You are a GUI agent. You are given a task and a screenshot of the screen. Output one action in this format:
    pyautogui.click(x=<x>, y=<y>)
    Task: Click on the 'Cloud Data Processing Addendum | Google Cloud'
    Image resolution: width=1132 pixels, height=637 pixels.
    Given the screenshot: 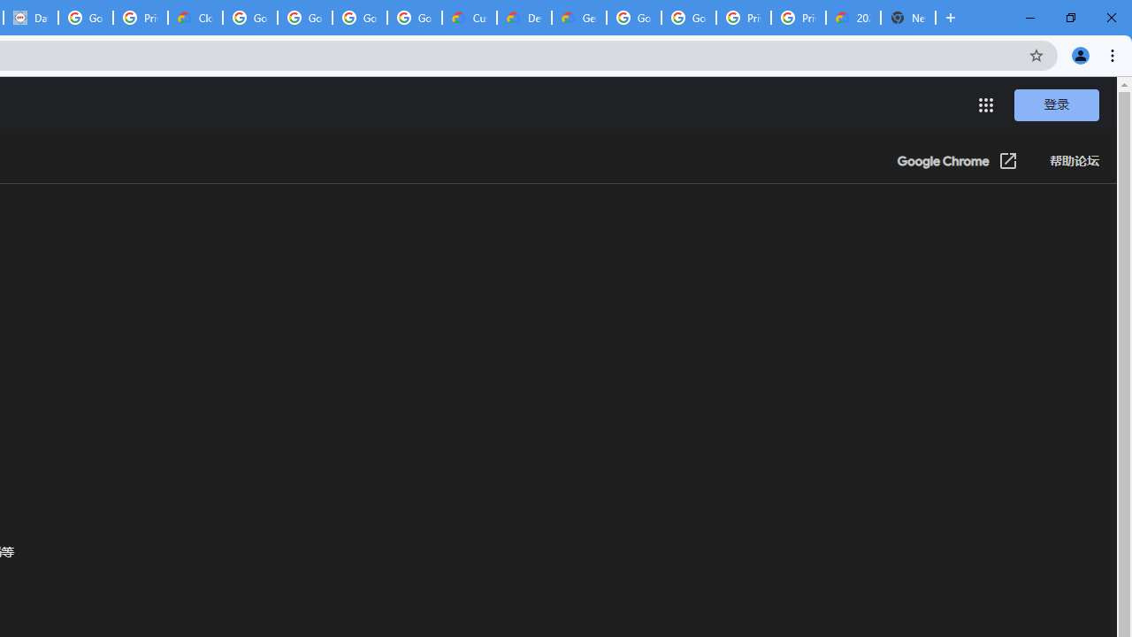 What is the action you would take?
    pyautogui.click(x=195, y=18)
    